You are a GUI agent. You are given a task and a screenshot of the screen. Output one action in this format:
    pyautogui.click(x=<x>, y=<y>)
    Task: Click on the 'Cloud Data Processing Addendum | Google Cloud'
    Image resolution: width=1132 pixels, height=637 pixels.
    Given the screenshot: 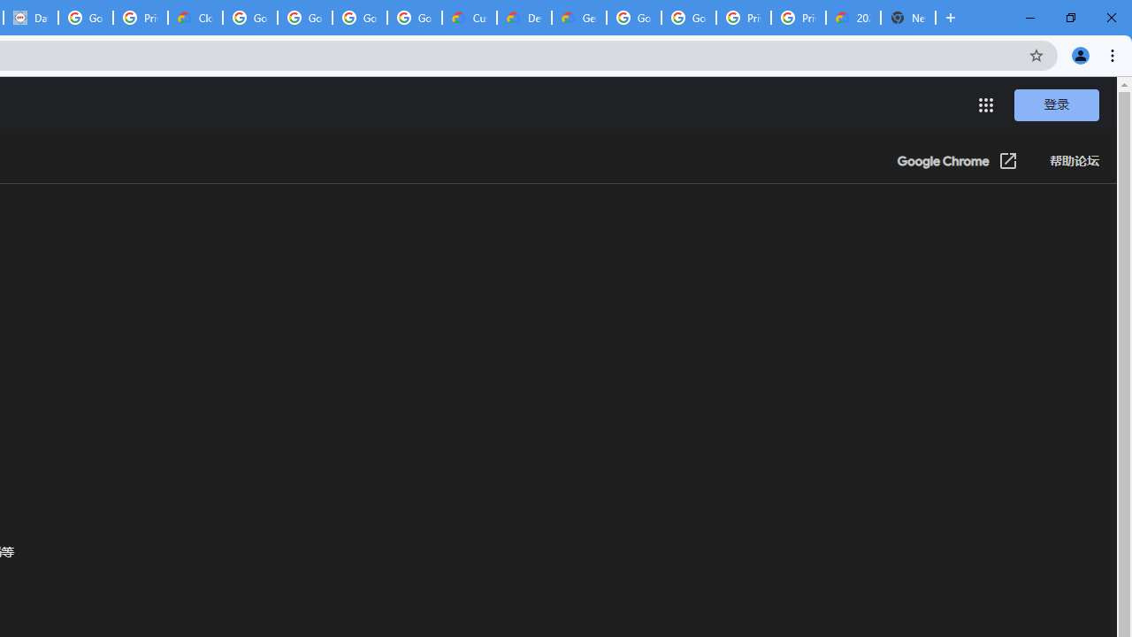 What is the action you would take?
    pyautogui.click(x=195, y=18)
    